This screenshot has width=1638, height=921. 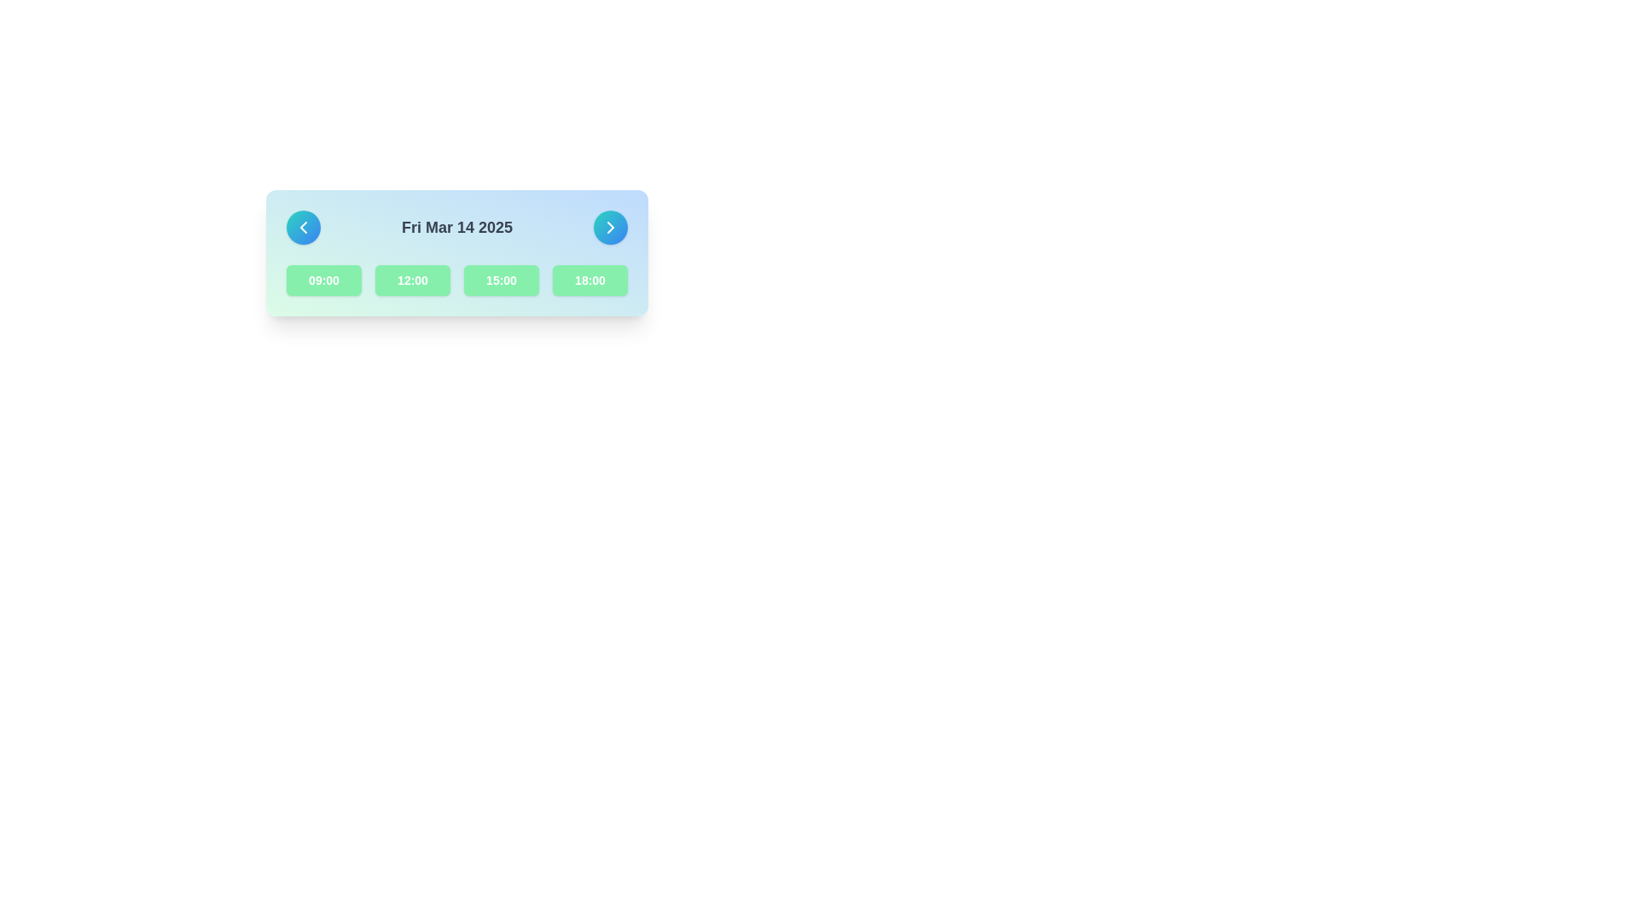 I want to click on the navigational icon located within the rounded button at the right end of the horizontal panel, so click(x=610, y=226).